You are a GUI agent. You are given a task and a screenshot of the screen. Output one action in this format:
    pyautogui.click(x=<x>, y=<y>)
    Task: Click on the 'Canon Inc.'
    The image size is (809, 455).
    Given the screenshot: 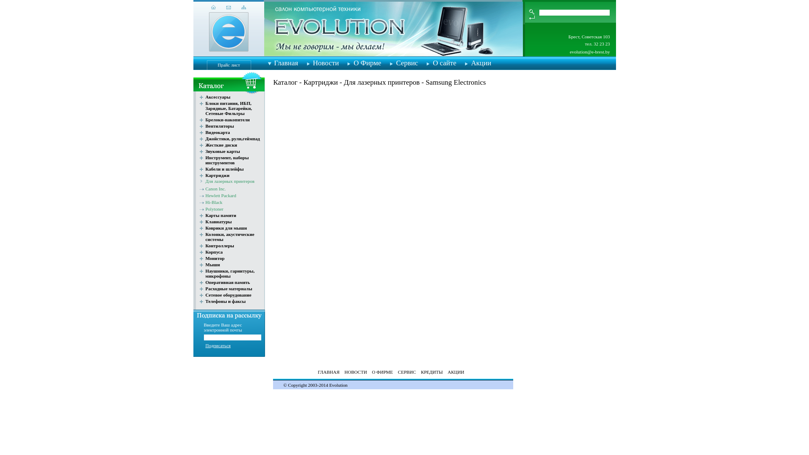 What is the action you would take?
    pyautogui.click(x=216, y=188)
    